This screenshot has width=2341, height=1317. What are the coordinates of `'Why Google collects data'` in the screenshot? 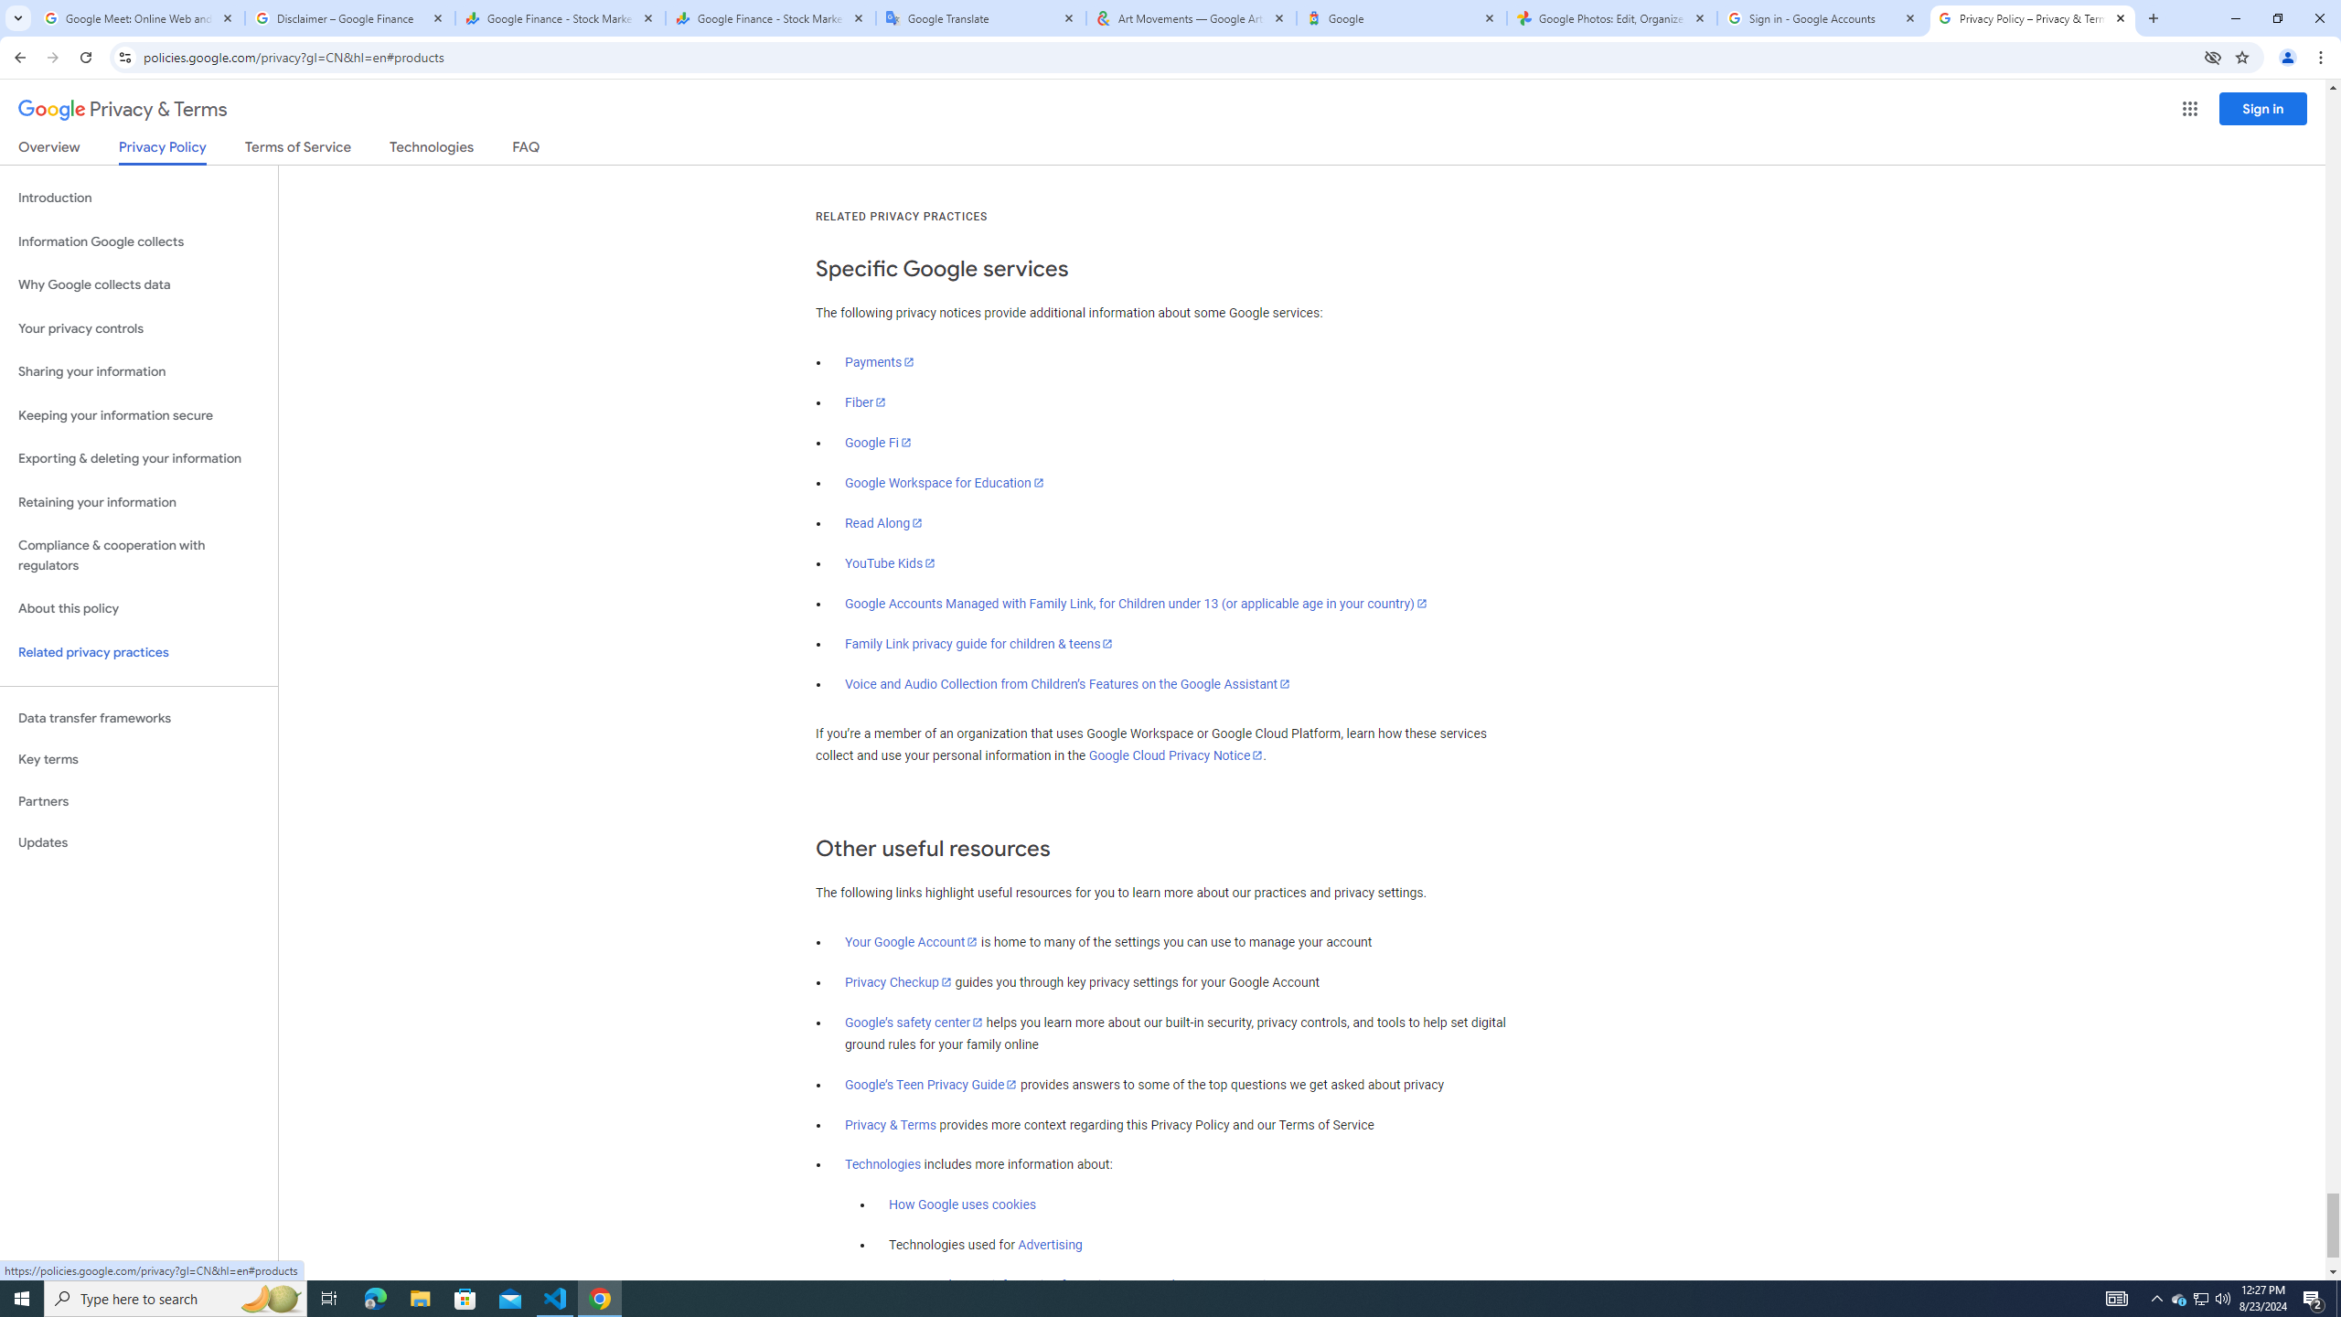 It's located at (138, 284).